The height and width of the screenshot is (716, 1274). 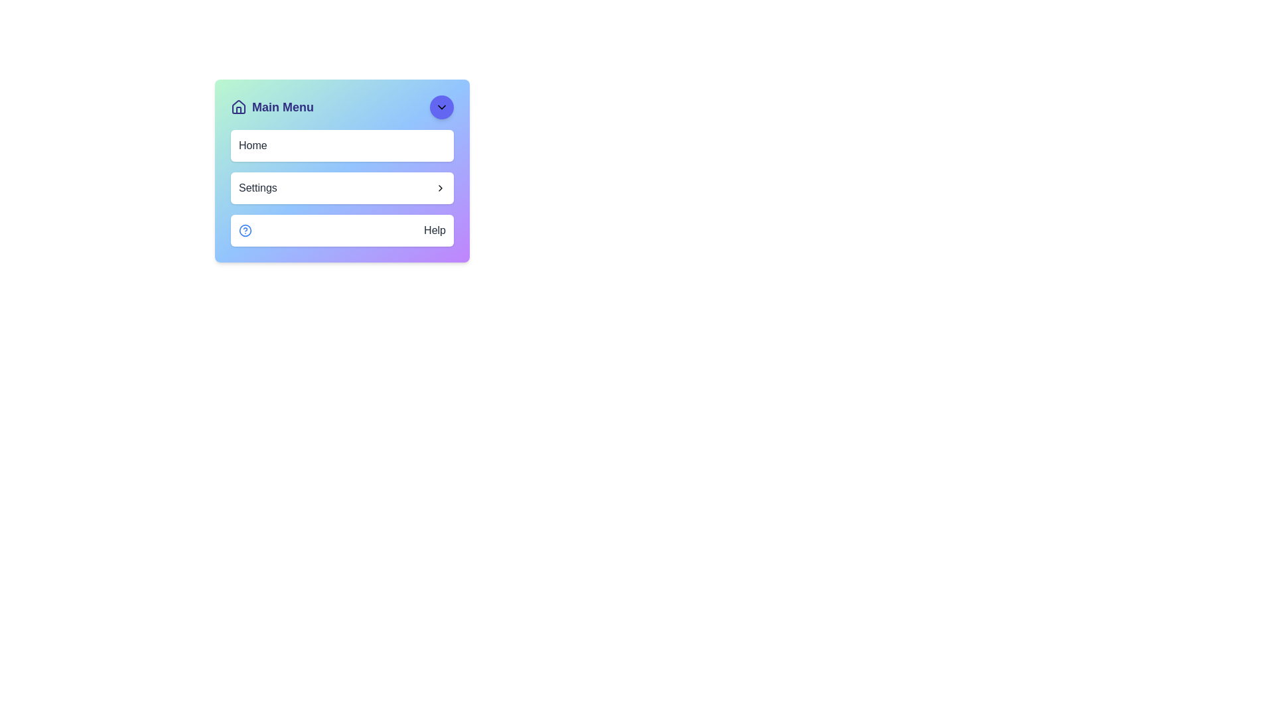 What do you see at coordinates (245, 229) in the screenshot?
I see `the inner circular stroke of the blue help icon located to the left of the 'Help' label in the navigation component` at bounding box center [245, 229].